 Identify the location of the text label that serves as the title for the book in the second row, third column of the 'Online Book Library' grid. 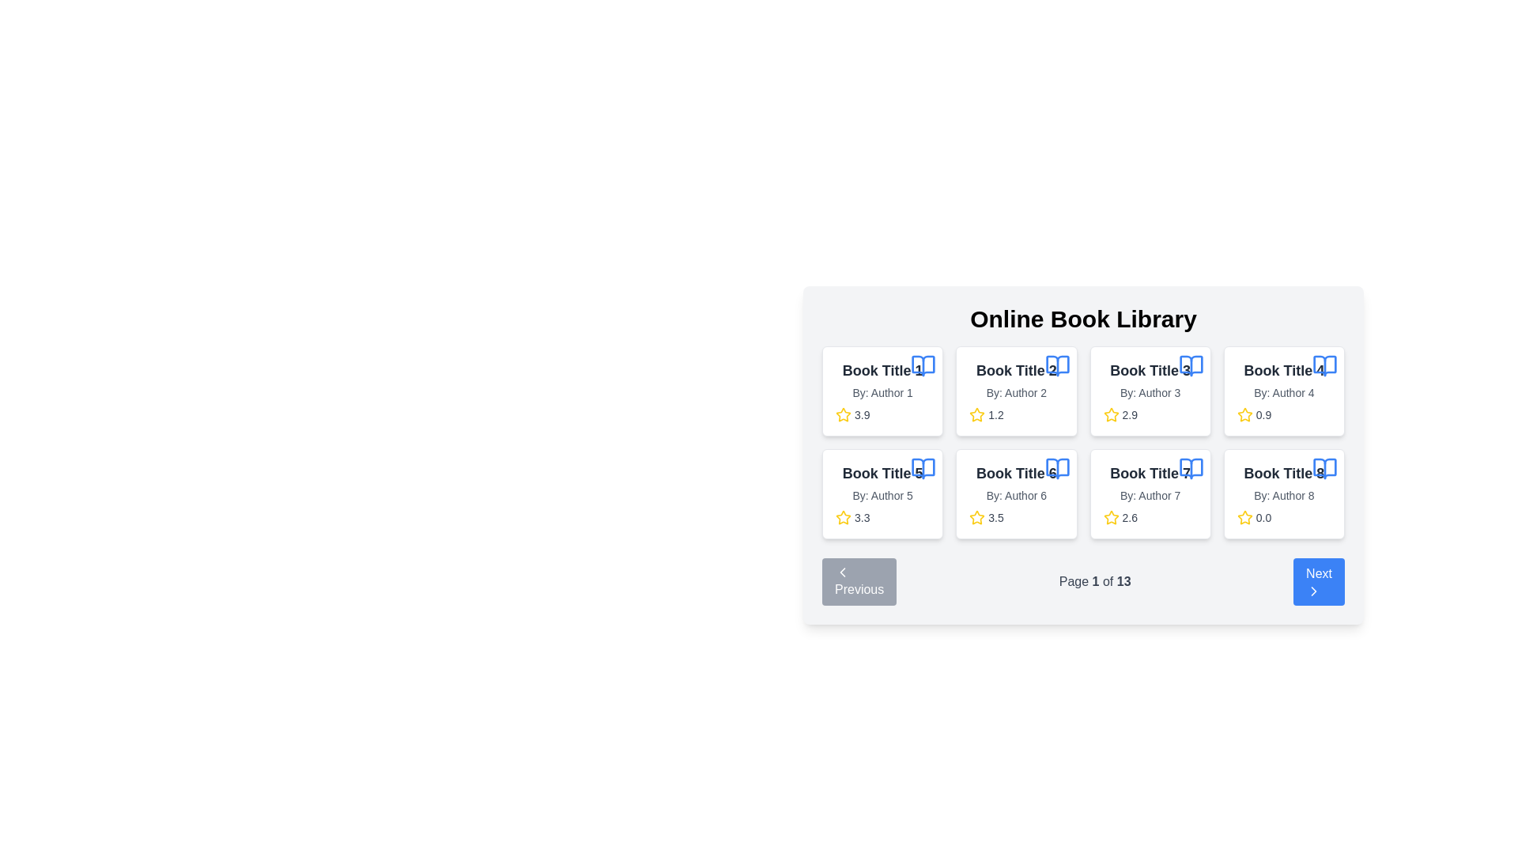
(1150, 472).